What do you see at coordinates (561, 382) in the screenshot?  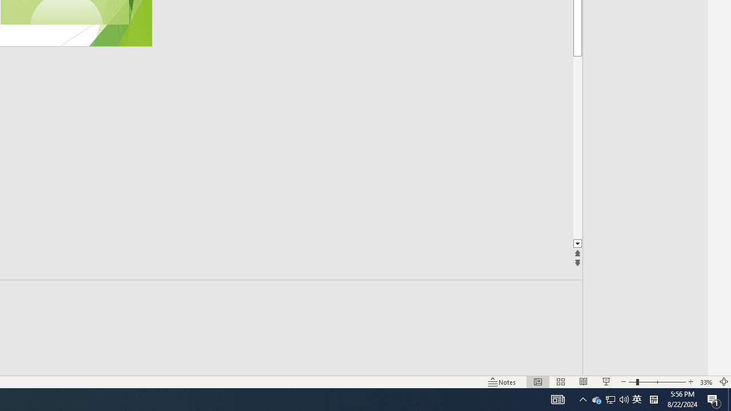 I see `'Slide Sorter'` at bounding box center [561, 382].